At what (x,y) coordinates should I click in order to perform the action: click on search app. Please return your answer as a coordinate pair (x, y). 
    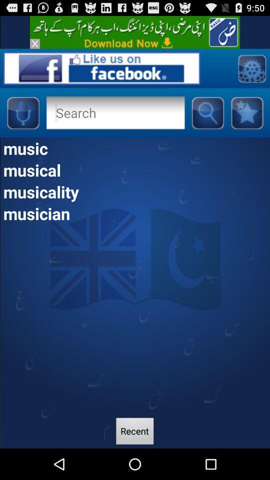
    Looking at the image, I should click on (114, 112).